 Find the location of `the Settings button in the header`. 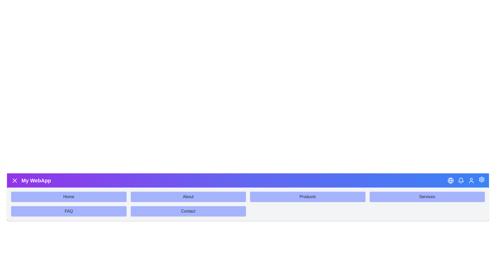

the Settings button in the header is located at coordinates (481, 179).